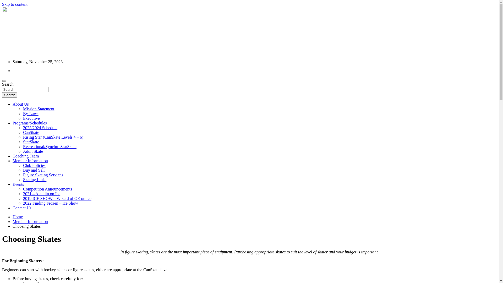 Image resolution: width=503 pixels, height=283 pixels. What do you see at coordinates (20, 104) in the screenshot?
I see `'About Us'` at bounding box center [20, 104].